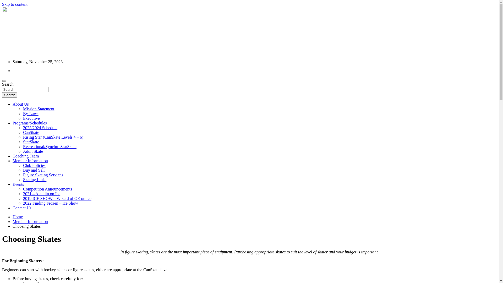 Image resolution: width=503 pixels, height=283 pixels. What do you see at coordinates (20, 104) in the screenshot?
I see `'About Us'` at bounding box center [20, 104].